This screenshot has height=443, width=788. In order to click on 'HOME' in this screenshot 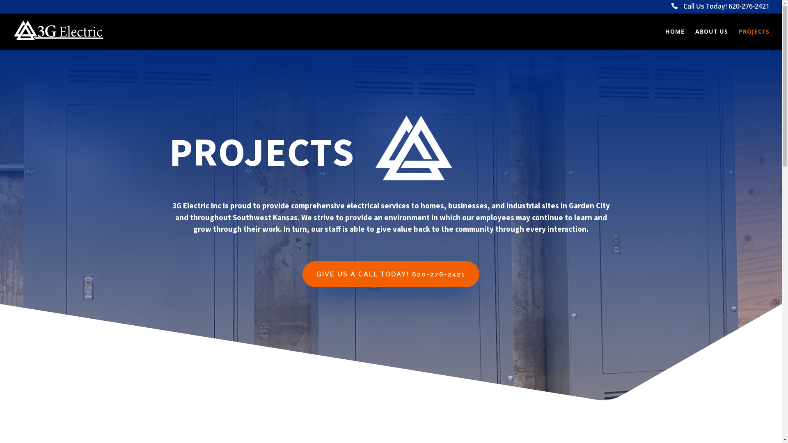, I will do `click(675, 39)`.